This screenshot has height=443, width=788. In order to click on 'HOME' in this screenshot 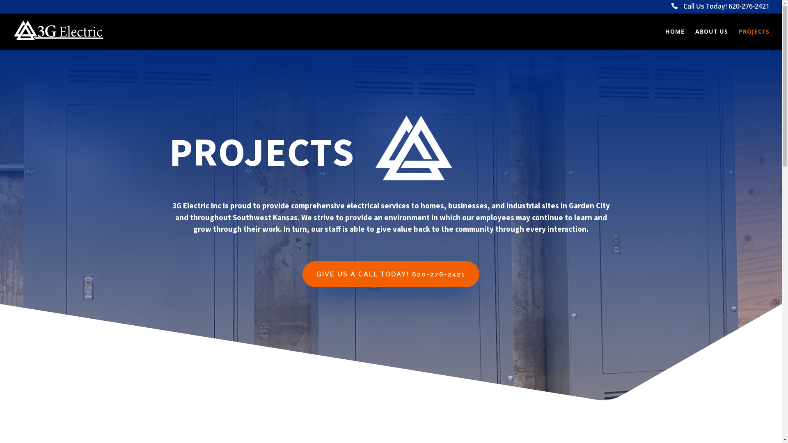, I will do `click(675, 39)`.